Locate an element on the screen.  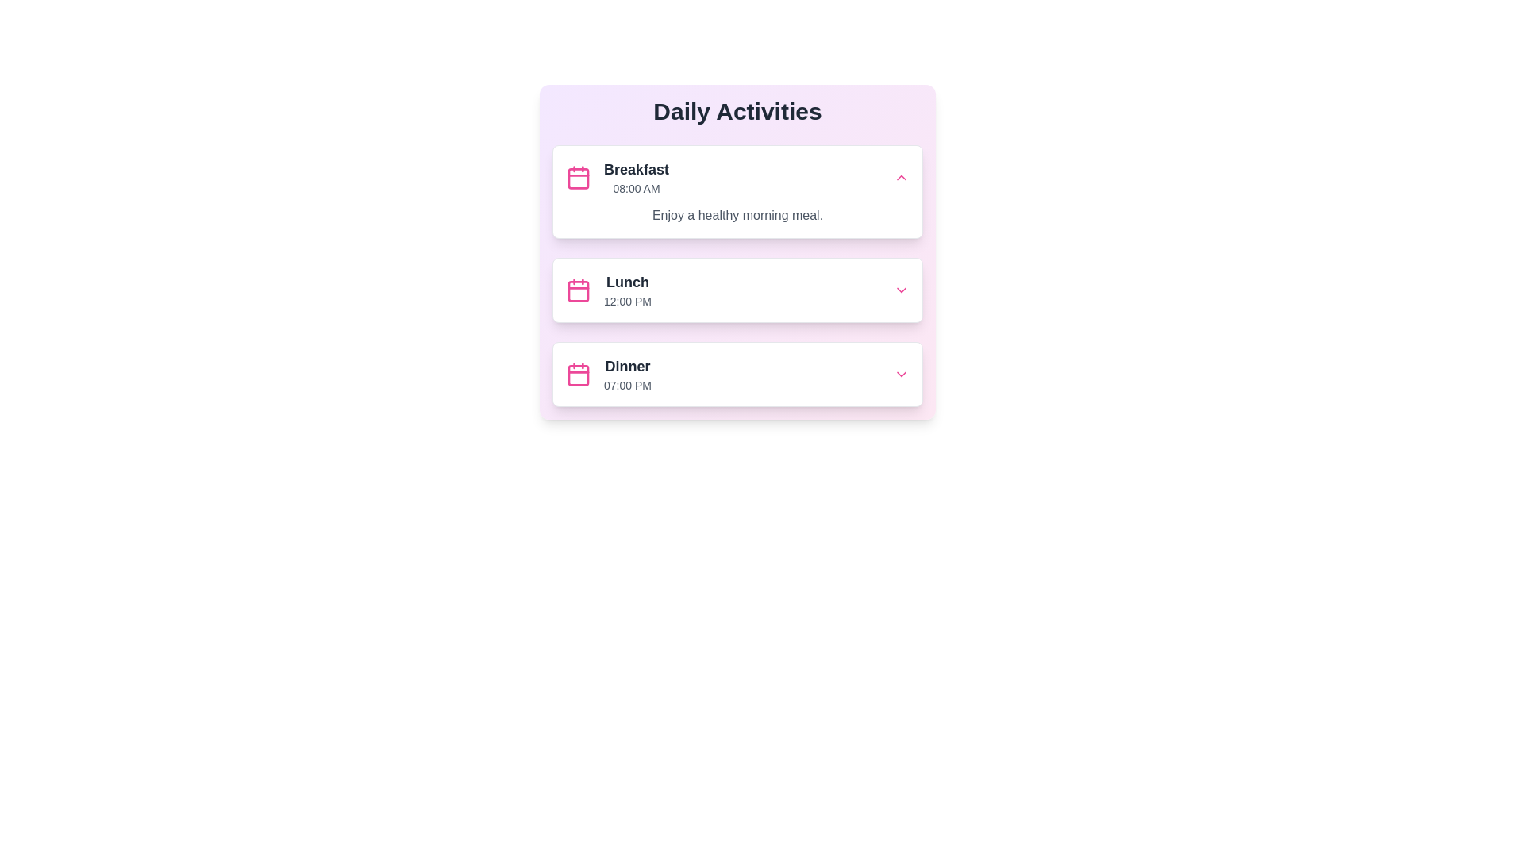
the text label located below the time label '08:00 AM' in the 'Breakfast' card is located at coordinates (737, 216).